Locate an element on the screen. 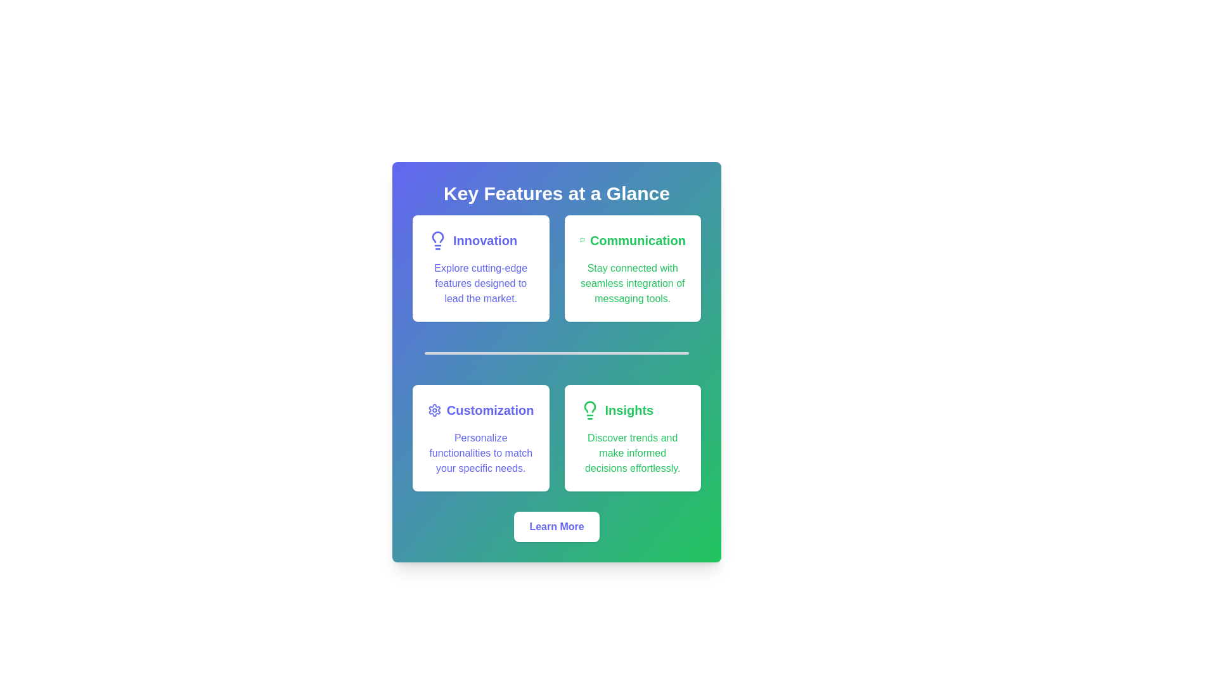  the informational card highlighting the 'Insights' feature, which is positioned in the bottom-right section of the grid layout is located at coordinates (633, 437).